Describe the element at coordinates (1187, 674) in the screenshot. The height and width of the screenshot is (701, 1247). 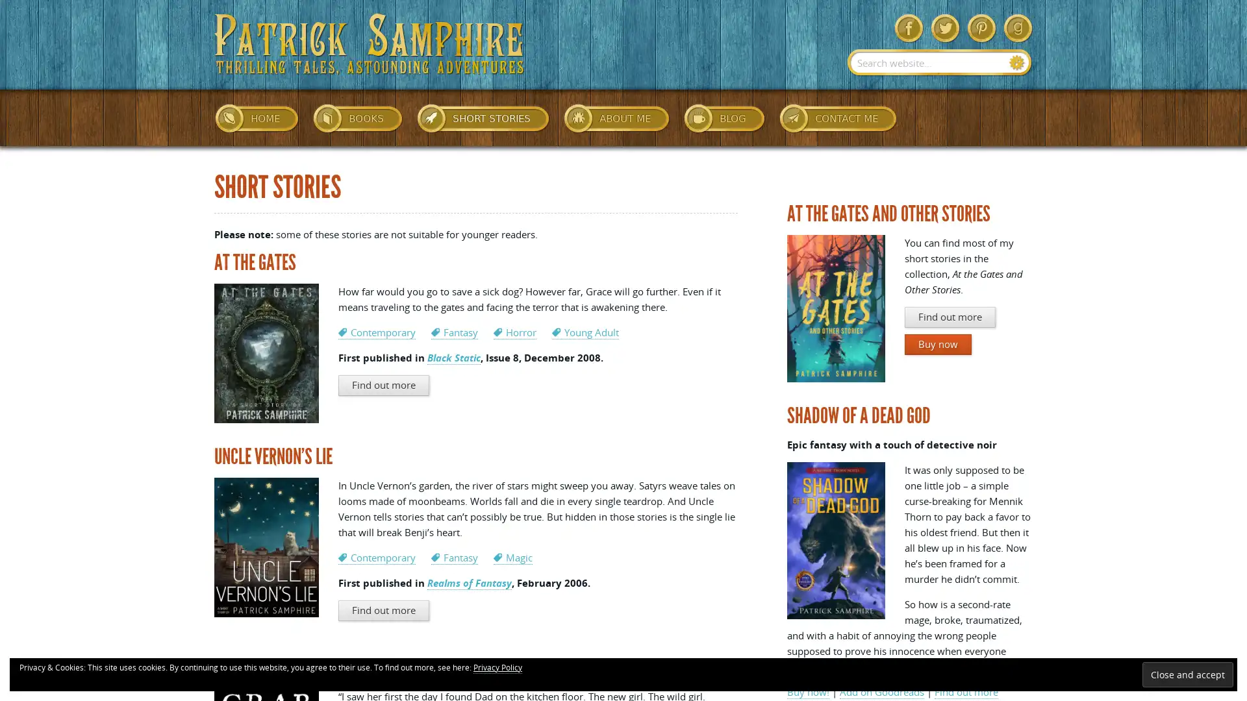
I see `Close and accept` at that location.